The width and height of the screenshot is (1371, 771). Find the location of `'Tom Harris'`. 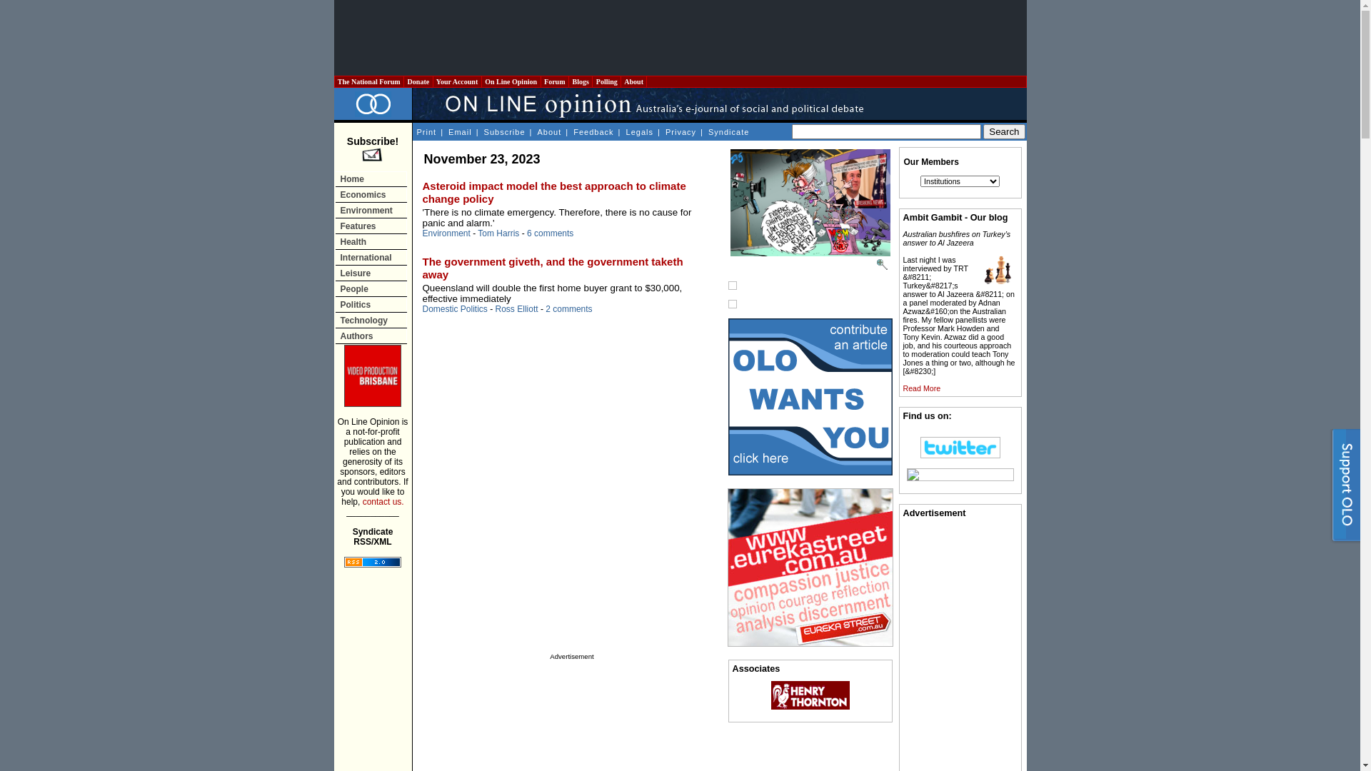

'Tom Harris' is located at coordinates (498, 233).